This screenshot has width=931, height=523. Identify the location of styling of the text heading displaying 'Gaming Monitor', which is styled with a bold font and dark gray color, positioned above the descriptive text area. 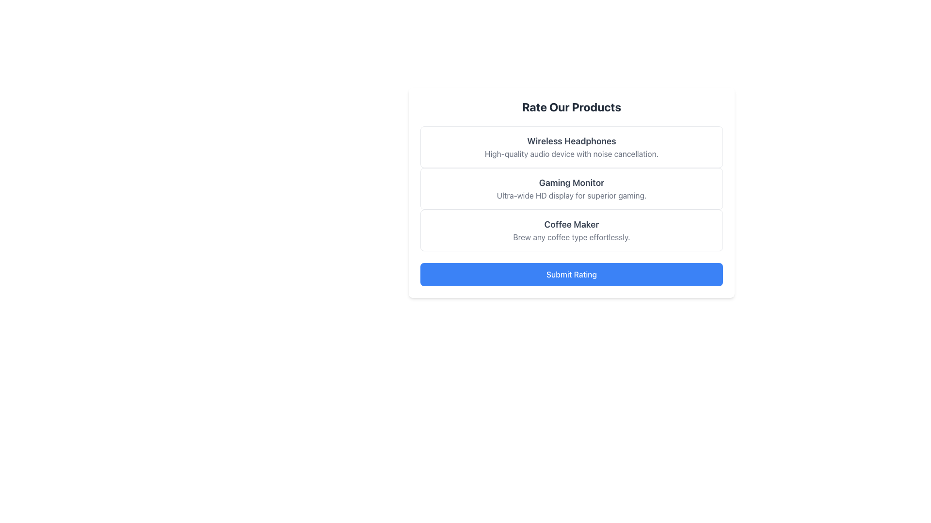
(572, 183).